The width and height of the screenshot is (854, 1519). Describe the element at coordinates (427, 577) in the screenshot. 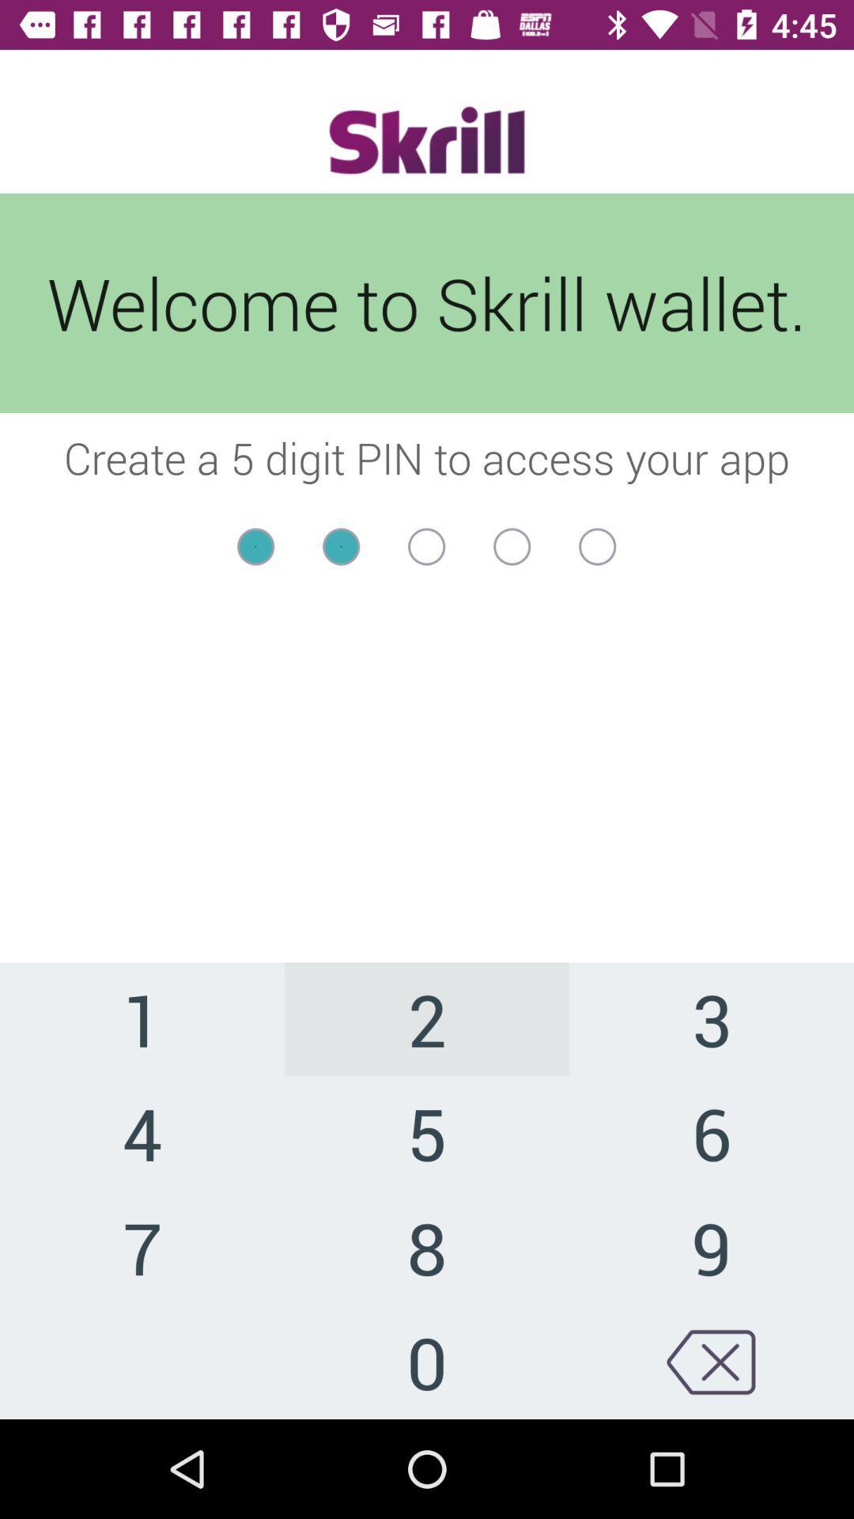

I see `the item above 1 icon` at that location.